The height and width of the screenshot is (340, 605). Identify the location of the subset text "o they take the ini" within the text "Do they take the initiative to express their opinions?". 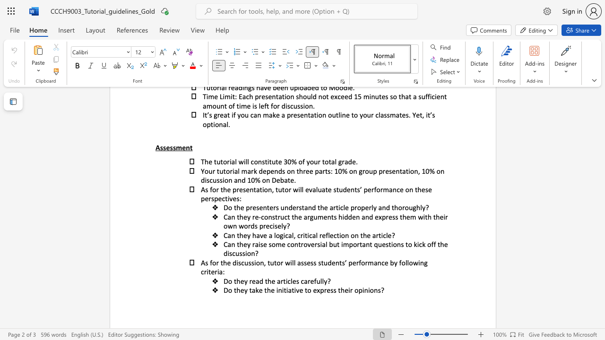
(228, 289).